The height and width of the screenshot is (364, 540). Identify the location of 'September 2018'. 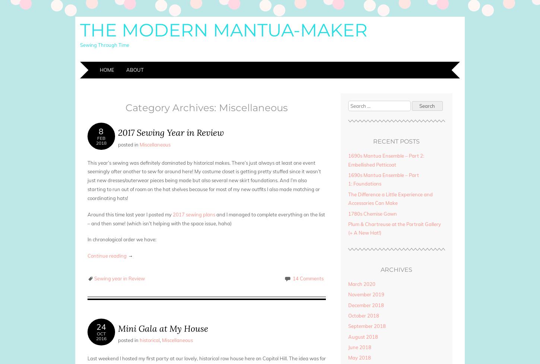
(366, 325).